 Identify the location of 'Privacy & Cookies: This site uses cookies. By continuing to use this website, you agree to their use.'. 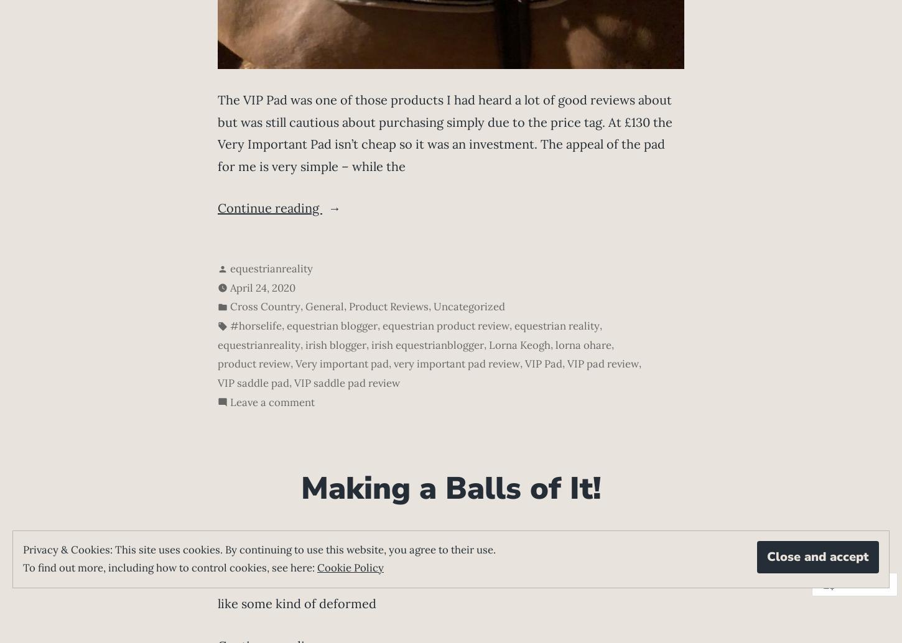
(22, 548).